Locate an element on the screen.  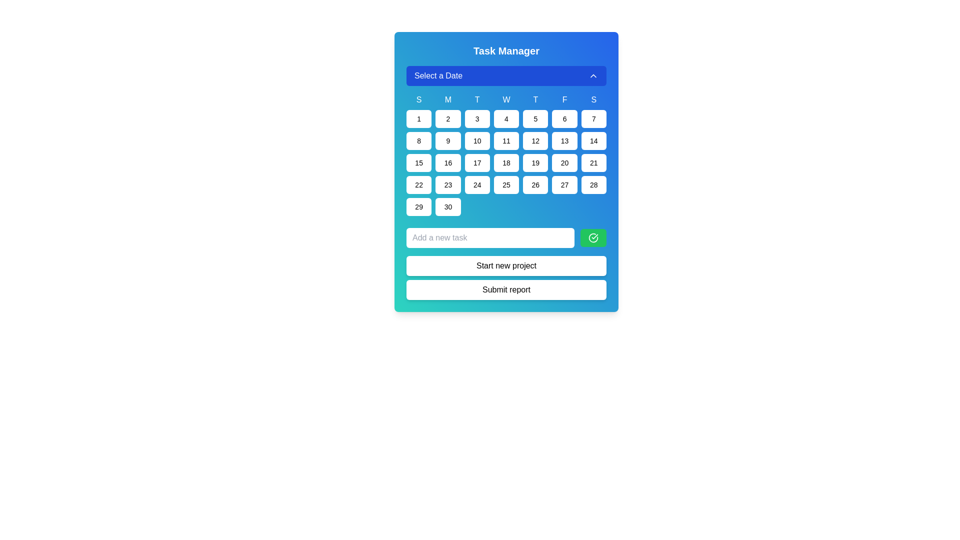
the interactive button displaying the number '16' located in the fourth row and second column of the calendar grid in the Task Manager interface is located at coordinates (447, 162).